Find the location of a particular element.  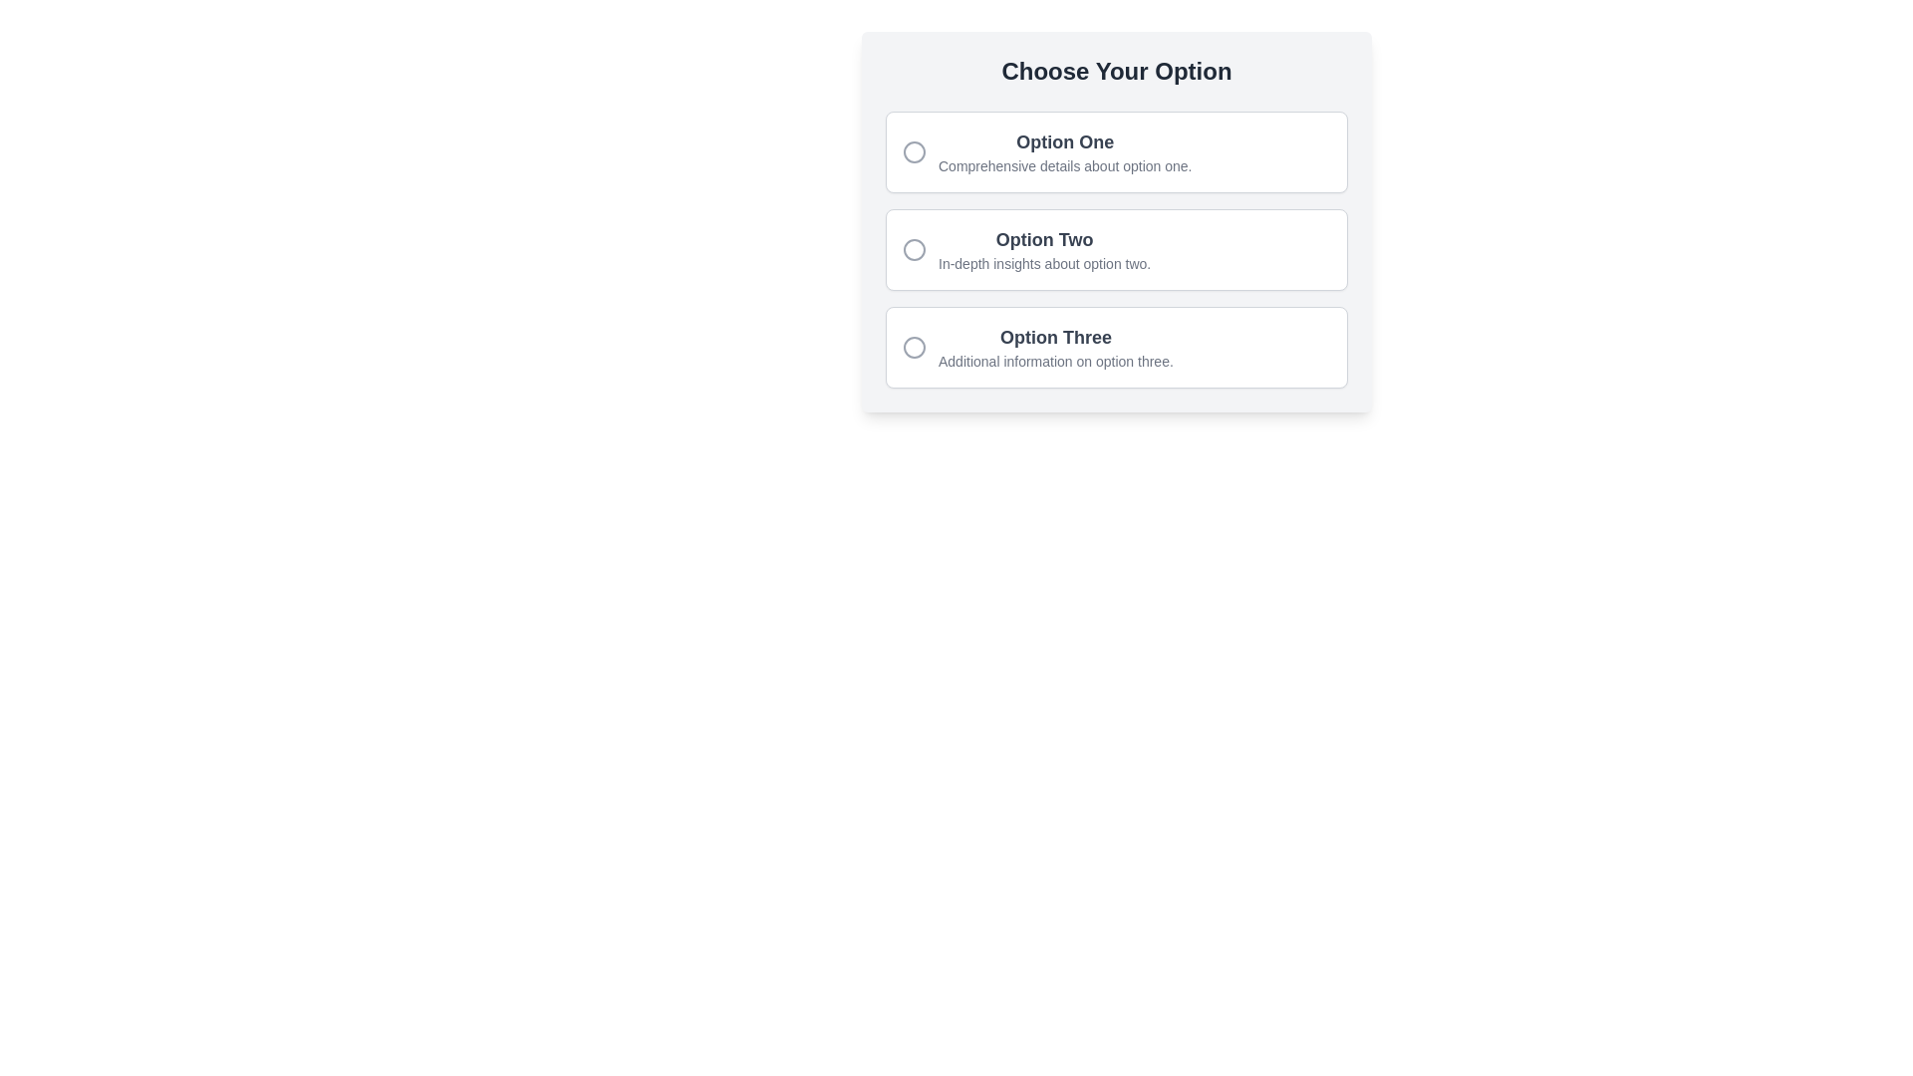

the circular Radio Button Indicator located to the left of the text 'Option Two' is located at coordinates (913, 248).